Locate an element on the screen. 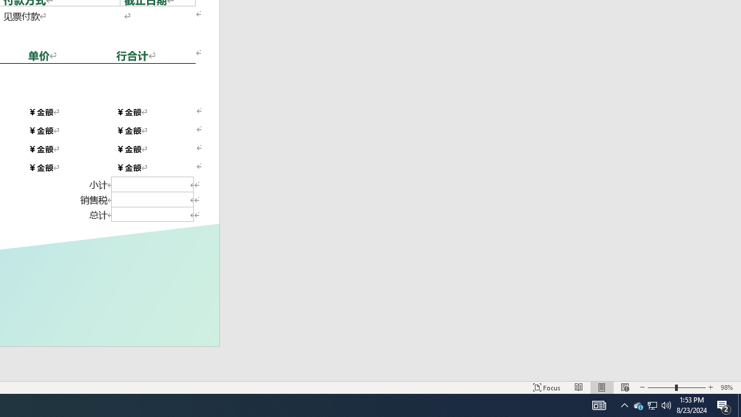 This screenshot has width=741, height=417. 'Zoom 98%' is located at coordinates (728, 387).